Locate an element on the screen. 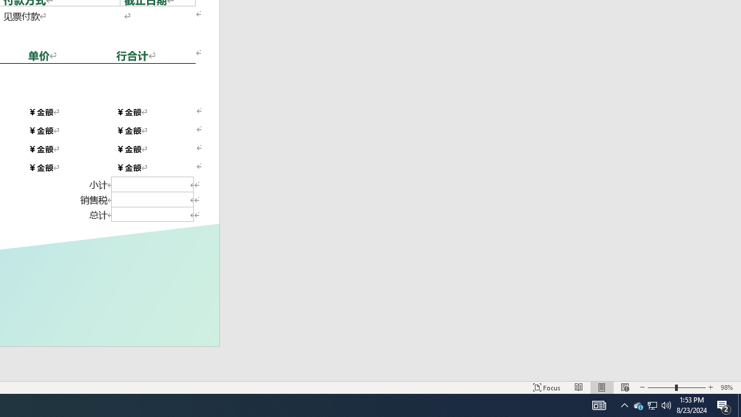 This screenshot has width=741, height=417. 'Zoom 98%' is located at coordinates (728, 387).